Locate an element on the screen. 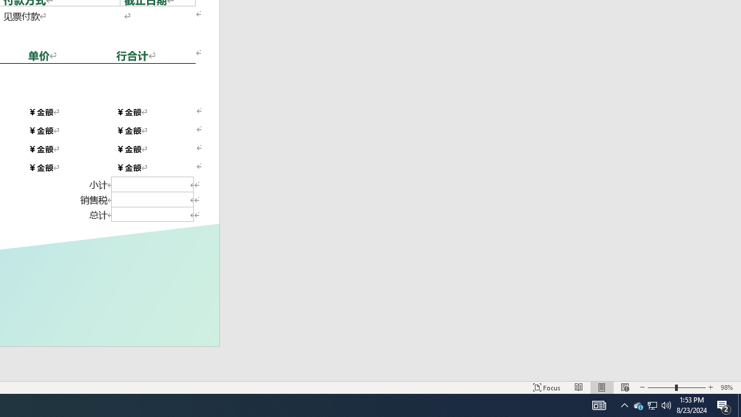 This screenshot has width=741, height=417. 'Zoom 98%' is located at coordinates (728, 387).